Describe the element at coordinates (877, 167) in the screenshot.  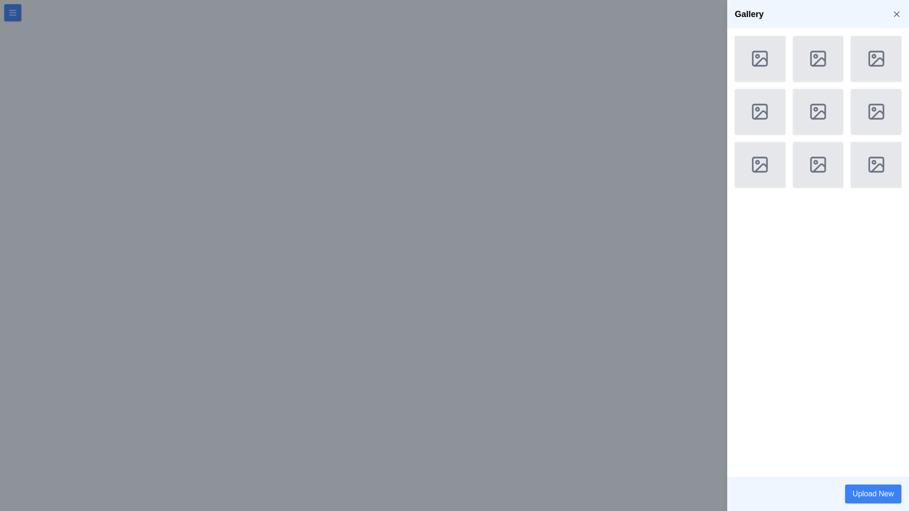
I see `vector graphic element displaying a diagonal line in the bottom-right corner of the ninth image placeholder in the gallery sidebar` at that location.